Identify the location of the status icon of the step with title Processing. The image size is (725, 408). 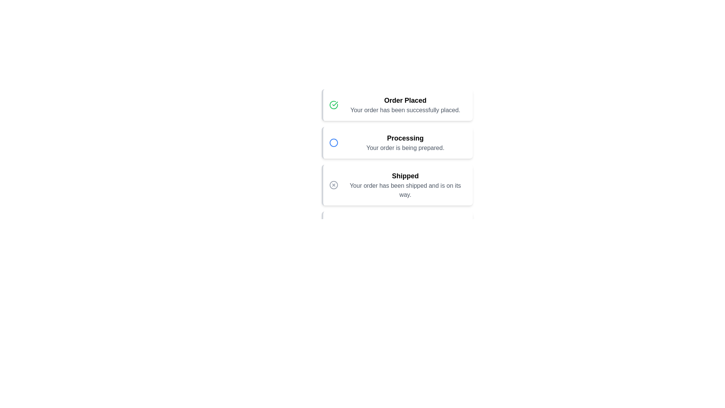
(333, 143).